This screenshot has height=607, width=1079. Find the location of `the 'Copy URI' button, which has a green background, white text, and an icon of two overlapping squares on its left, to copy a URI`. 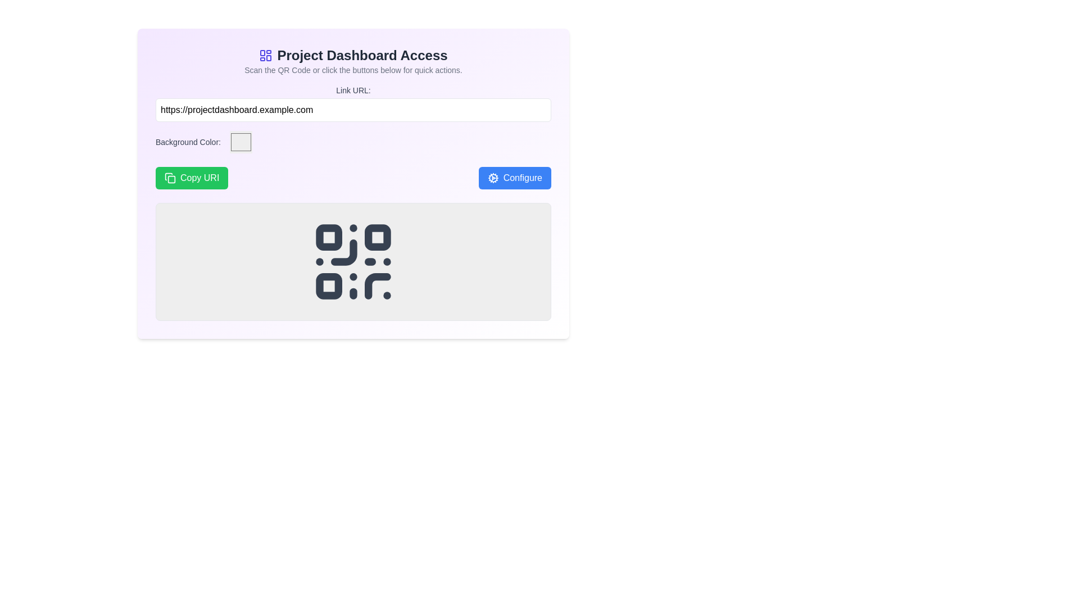

the 'Copy URI' button, which has a green background, white text, and an icon of two overlapping squares on its left, to copy a URI is located at coordinates (192, 177).